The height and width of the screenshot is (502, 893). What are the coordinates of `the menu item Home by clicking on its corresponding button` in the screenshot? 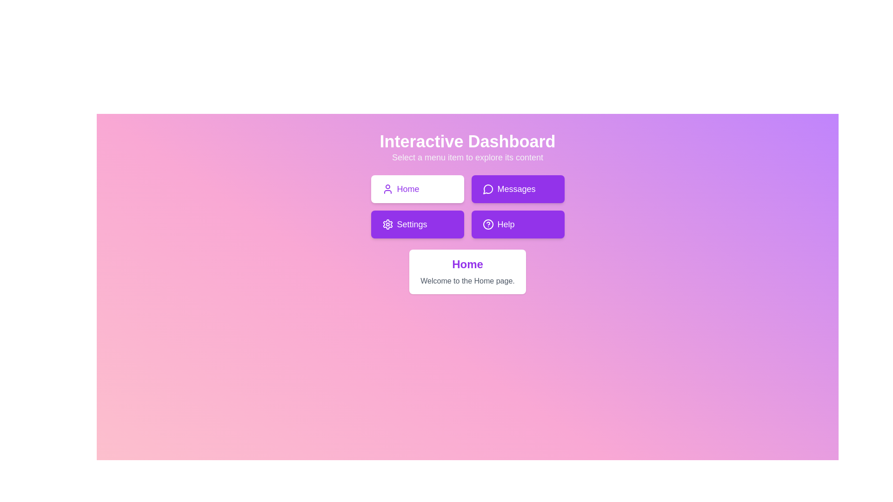 It's located at (417, 189).